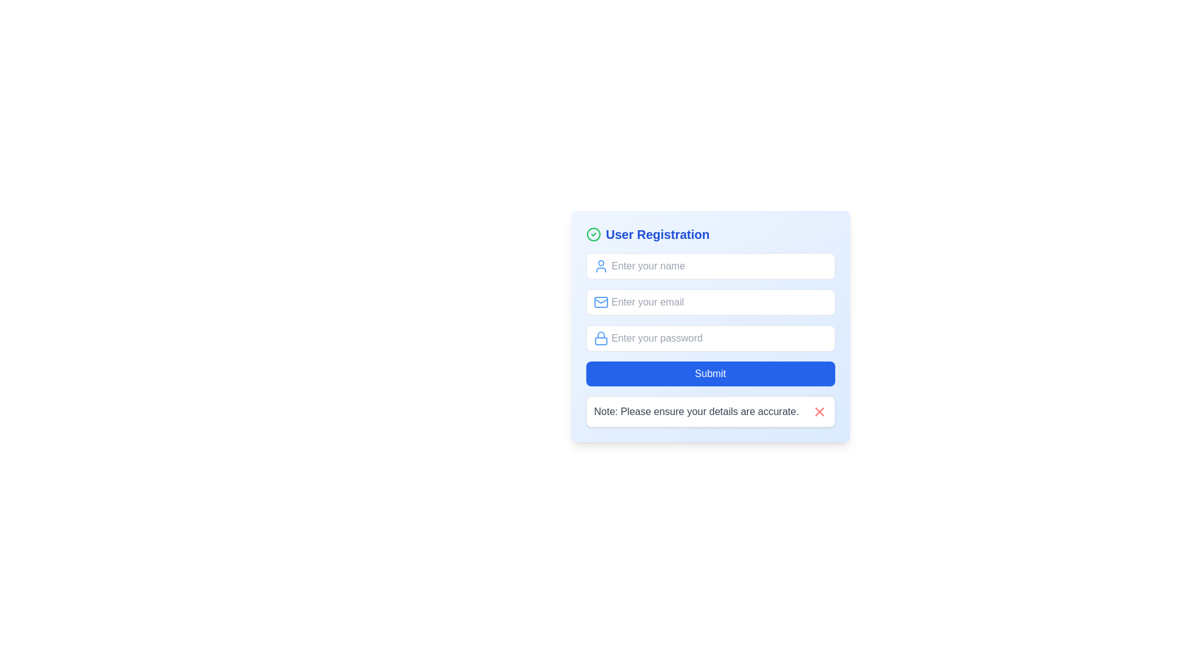 The image size is (1195, 672). I want to click on Circle SVG element representing a note or status indicator associated with the 'User Registration' heading, so click(593, 235).